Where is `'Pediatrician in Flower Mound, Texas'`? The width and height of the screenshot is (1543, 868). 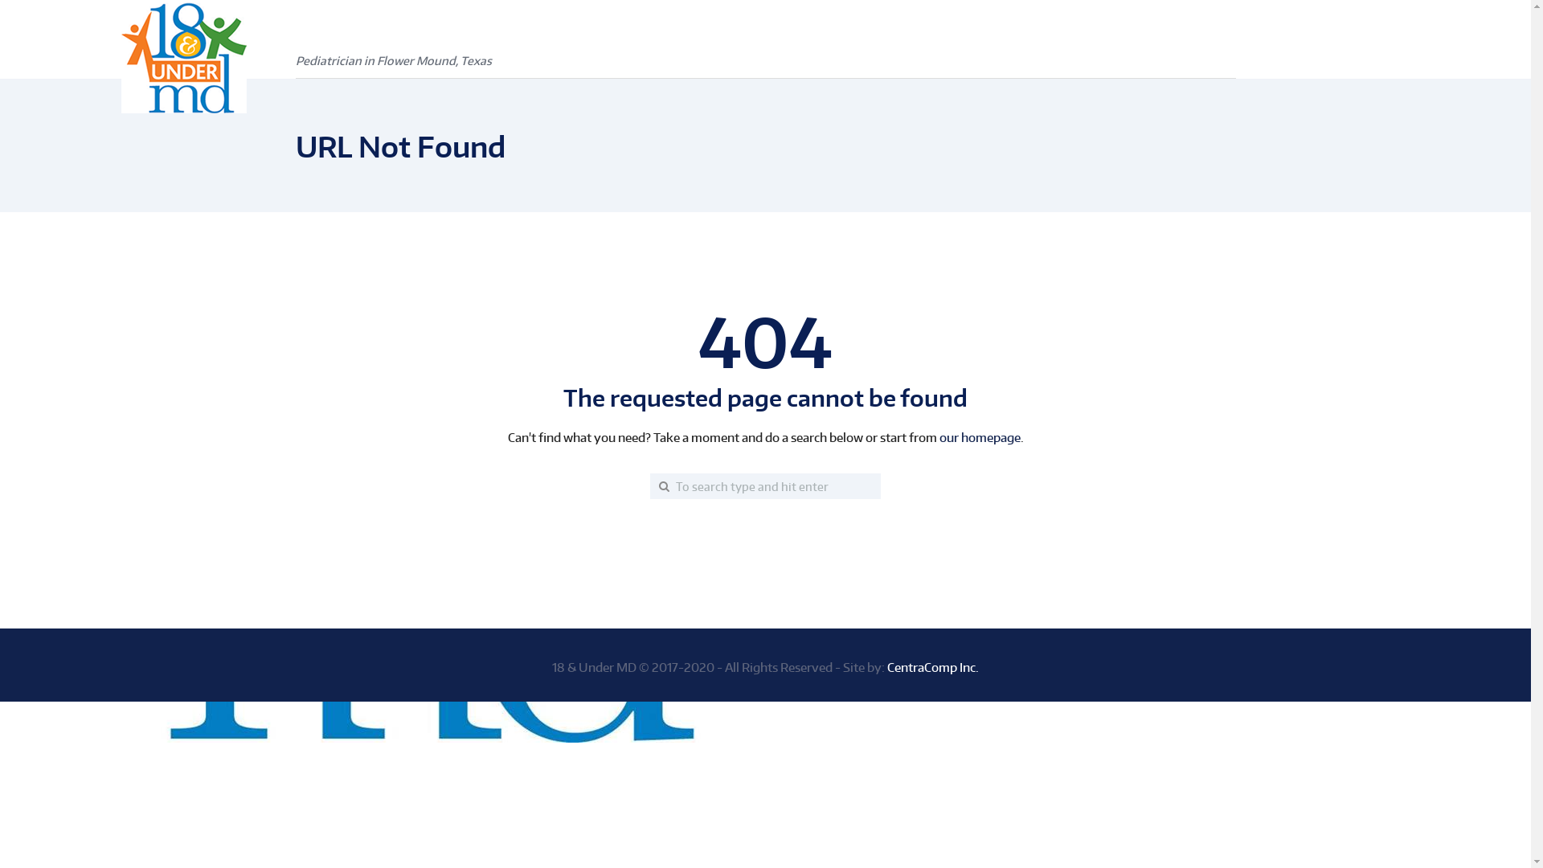 'Pediatrician in Flower Mound, Texas' is located at coordinates (296, 47).